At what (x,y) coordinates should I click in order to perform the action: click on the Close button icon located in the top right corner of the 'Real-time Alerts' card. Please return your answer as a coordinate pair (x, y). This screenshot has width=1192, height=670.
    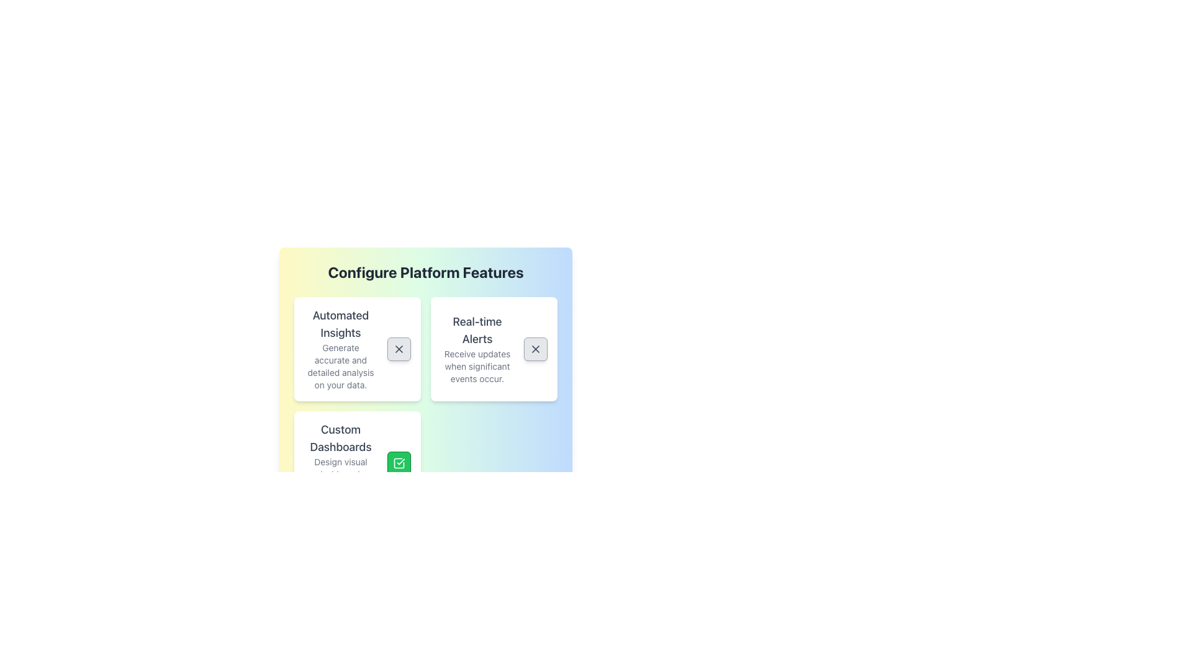
    Looking at the image, I should click on (536, 349).